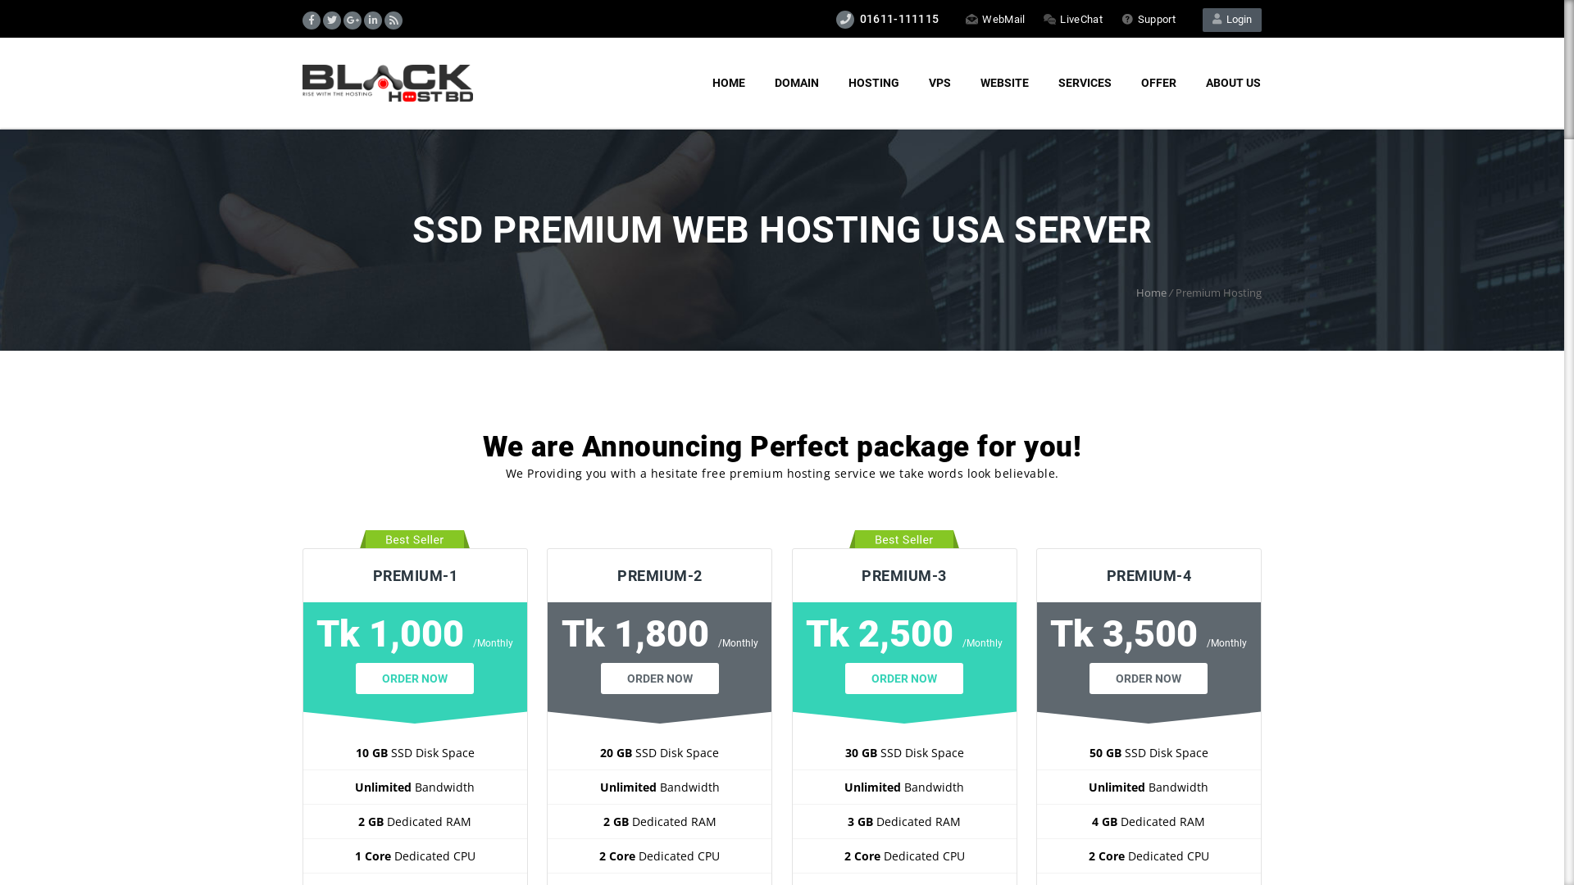 This screenshot has height=885, width=1574. What do you see at coordinates (414, 678) in the screenshot?
I see `'ORDER NOW'` at bounding box center [414, 678].